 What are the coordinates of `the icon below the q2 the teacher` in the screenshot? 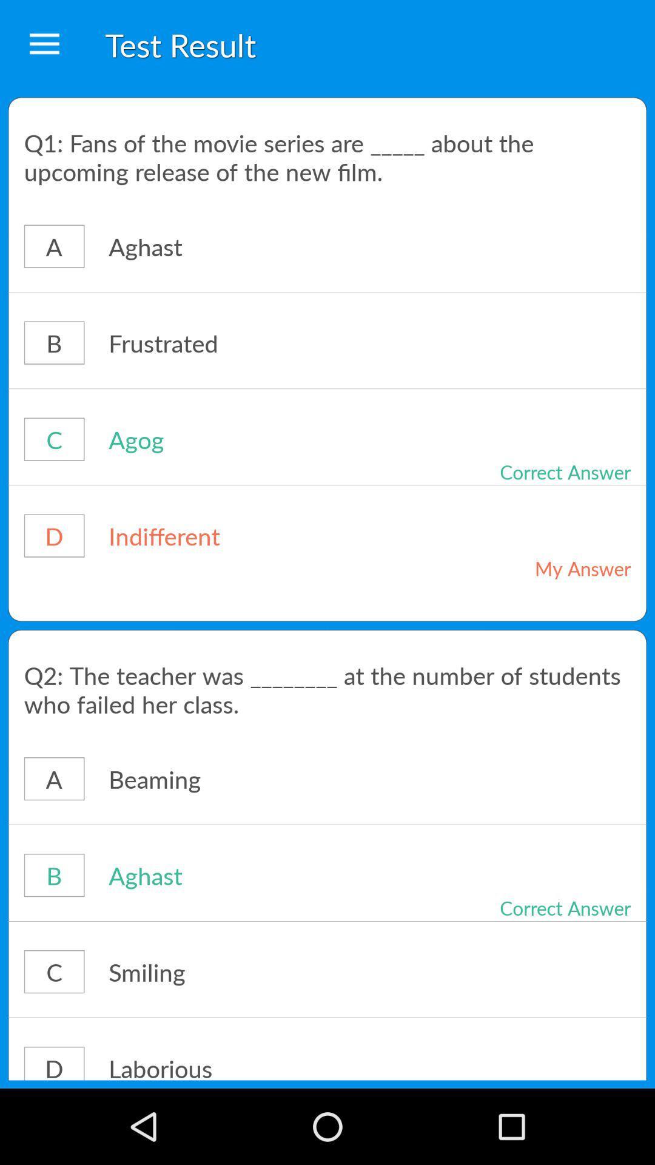 It's located at (250, 778).